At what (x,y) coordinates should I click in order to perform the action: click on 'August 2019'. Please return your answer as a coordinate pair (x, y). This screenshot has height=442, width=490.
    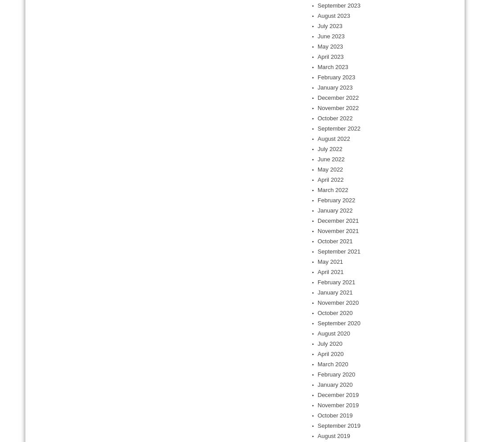
    Looking at the image, I should click on (317, 436).